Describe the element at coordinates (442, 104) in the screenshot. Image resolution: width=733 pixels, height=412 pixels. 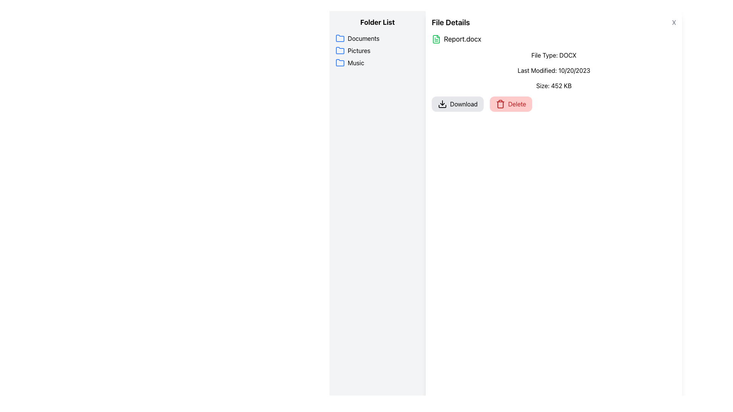
I see `the download icon, which is a downward arrow symbolizing a download action, located inside the 'Download' button` at that location.